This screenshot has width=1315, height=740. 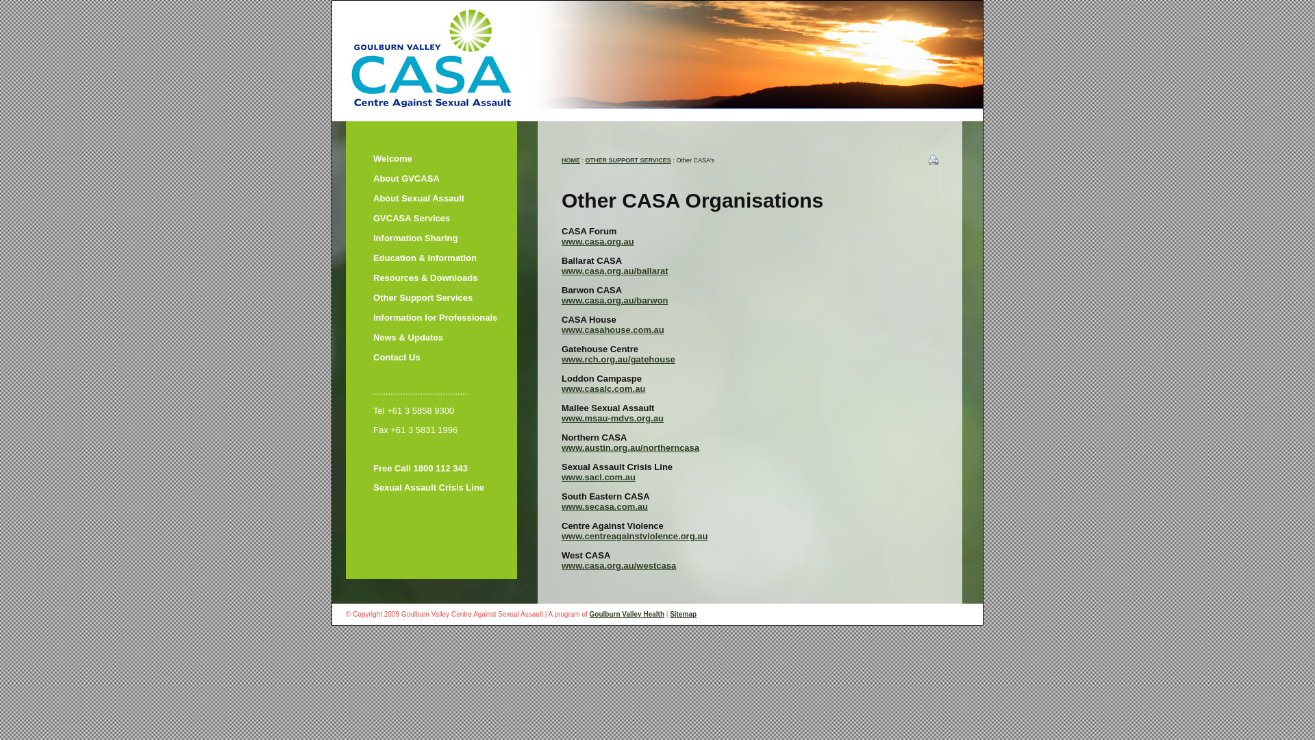 What do you see at coordinates (634, 535) in the screenshot?
I see `'www.centreagainstviolence.org.au'` at bounding box center [634, 535].